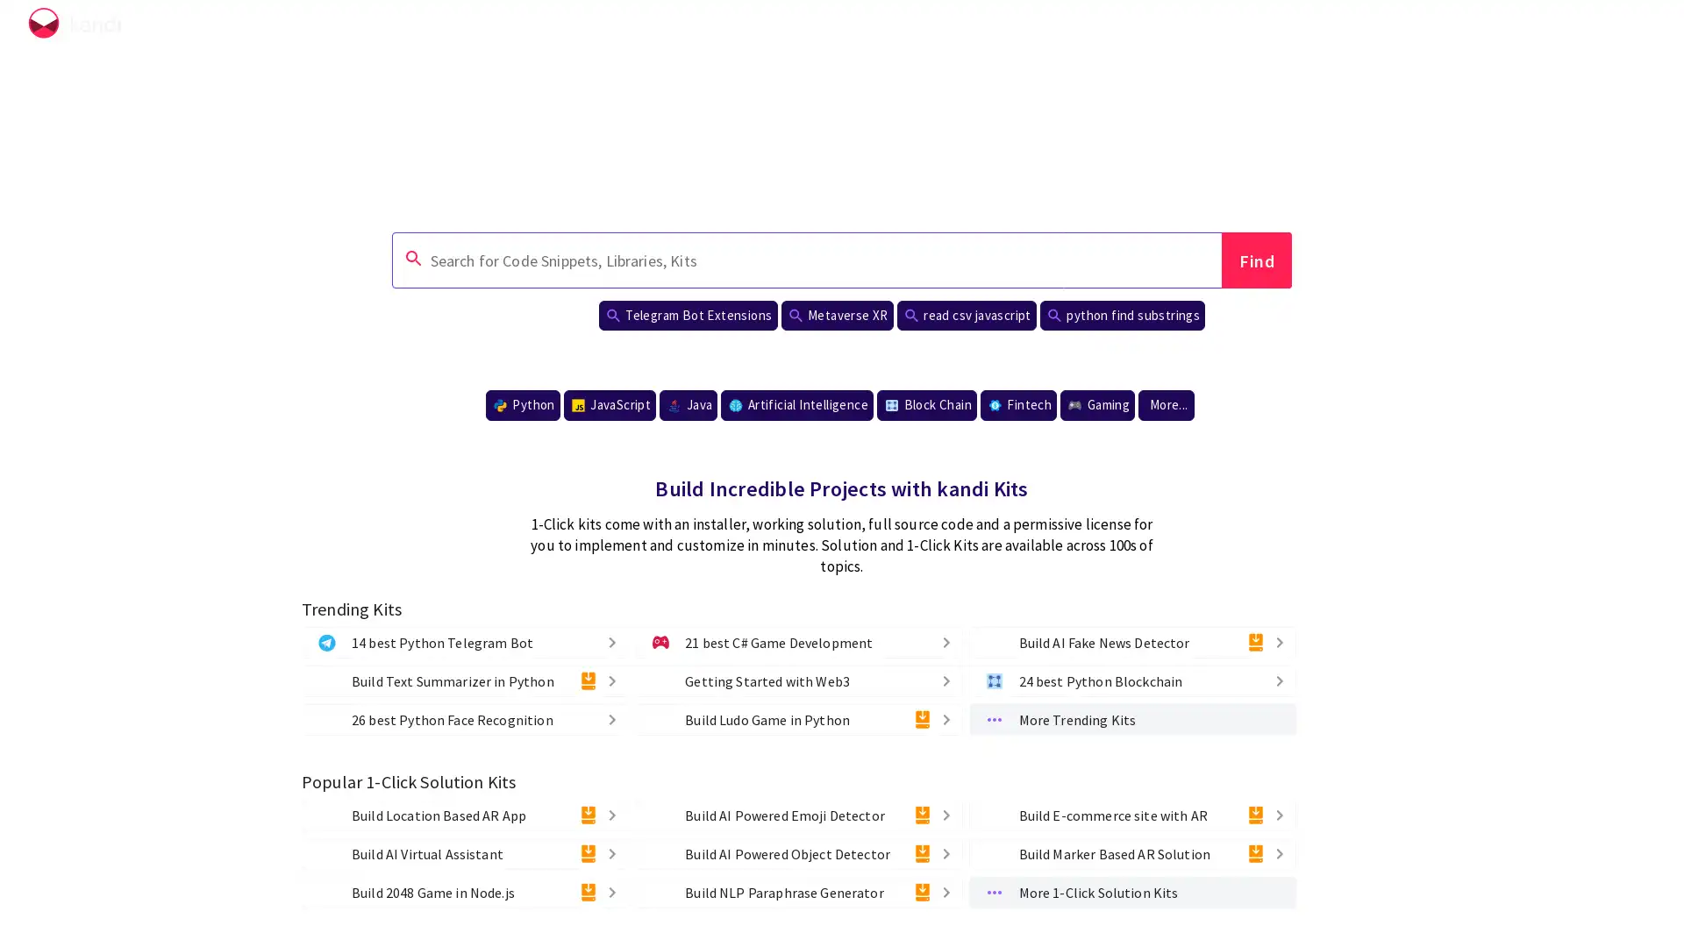  What do you see at coordinates (797, 815) in the screenshot?
I see `hand-emoji-detector Build AI Powered Emoji Detector` at bounding box center [797, 815].